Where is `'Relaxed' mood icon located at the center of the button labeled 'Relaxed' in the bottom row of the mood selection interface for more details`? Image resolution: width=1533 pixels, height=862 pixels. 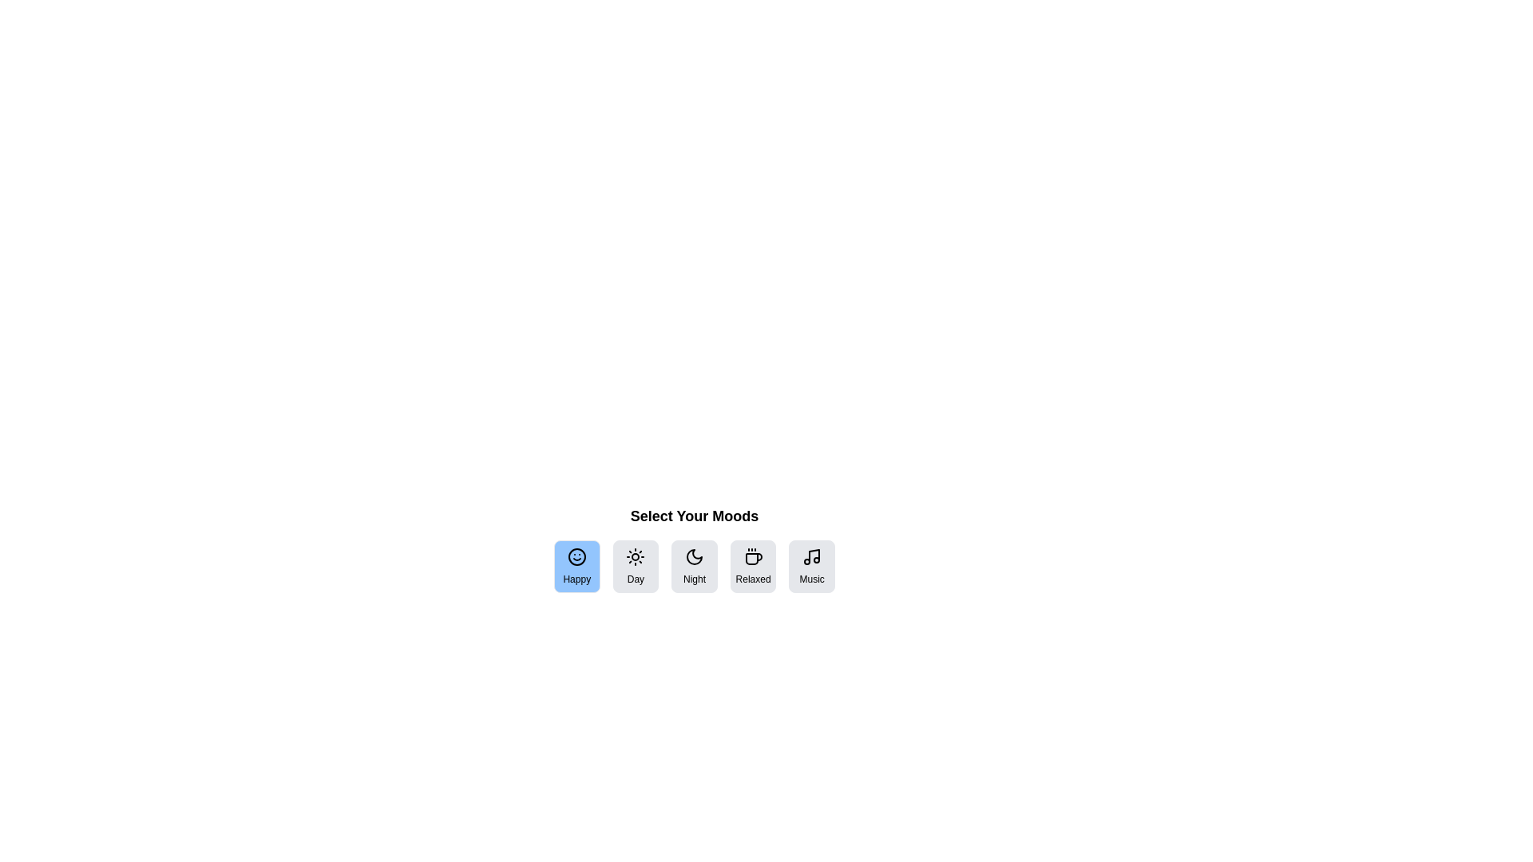
'Relaxed' mood icon located at the center of the button labeled 'Relaxed' in the bottom row of the mood selection interface for more details is located at coordinates (752, 556).